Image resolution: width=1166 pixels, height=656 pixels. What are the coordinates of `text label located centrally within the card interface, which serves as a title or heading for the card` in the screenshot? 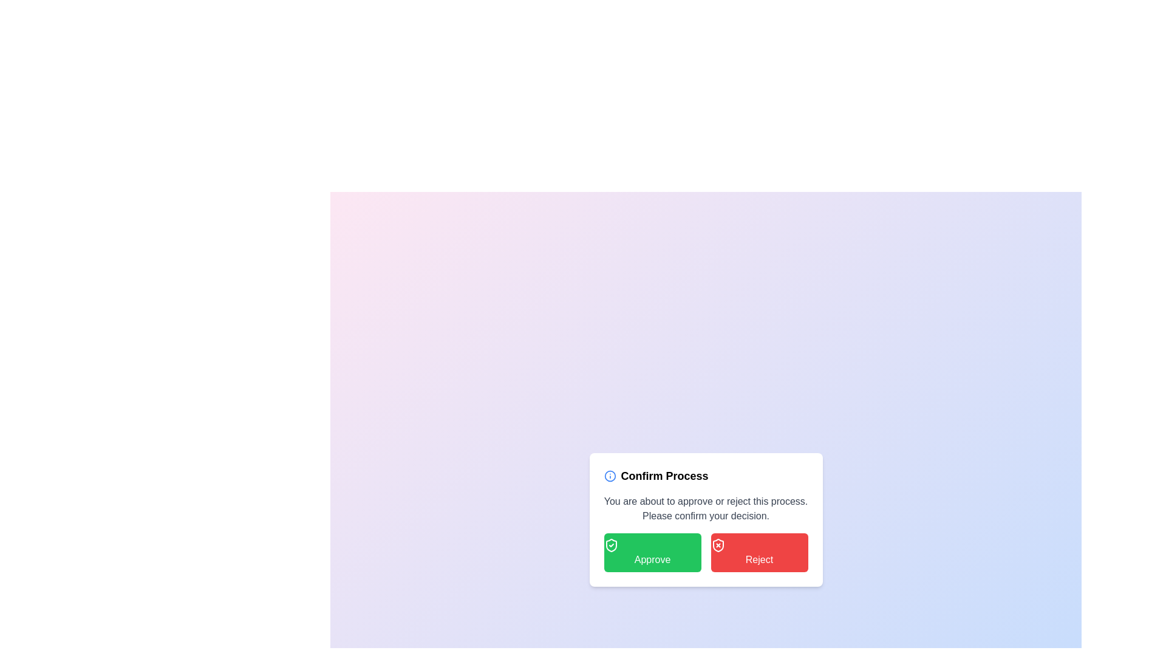 It's located at (664, 475).